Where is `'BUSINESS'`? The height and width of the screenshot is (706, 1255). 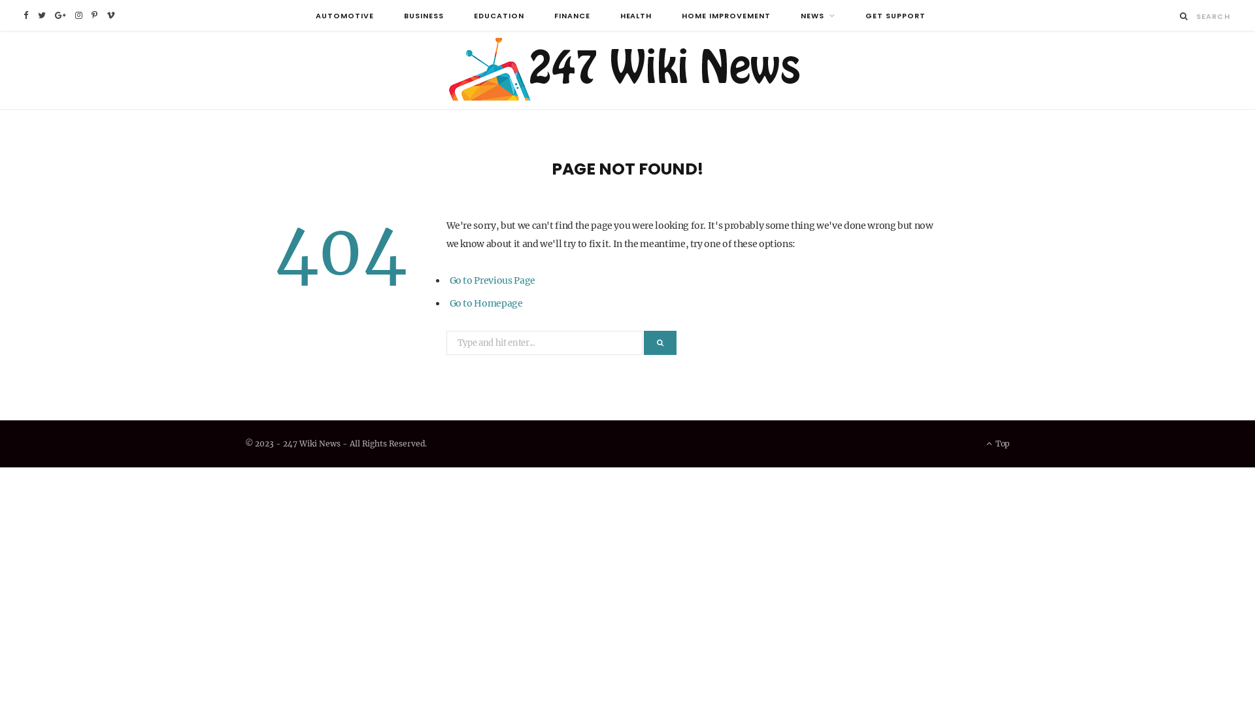 'BUSINESS' is located at coordinates (424, 15).